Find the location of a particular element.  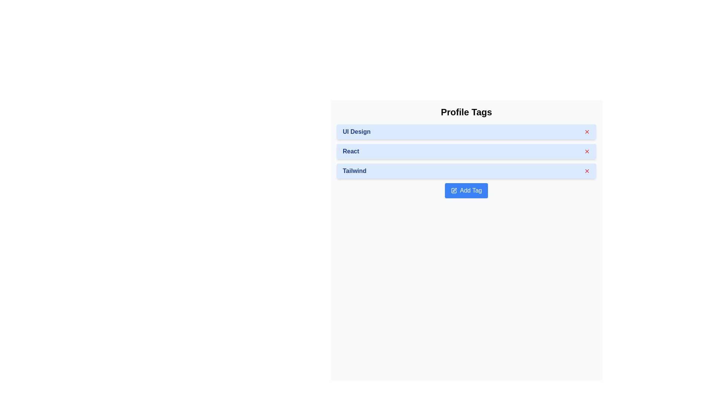

the second List item under 'Profile Tags' which has a blue background and the text 'React' by interacting with it via keyboard focus is located at coordinates (466, 151).